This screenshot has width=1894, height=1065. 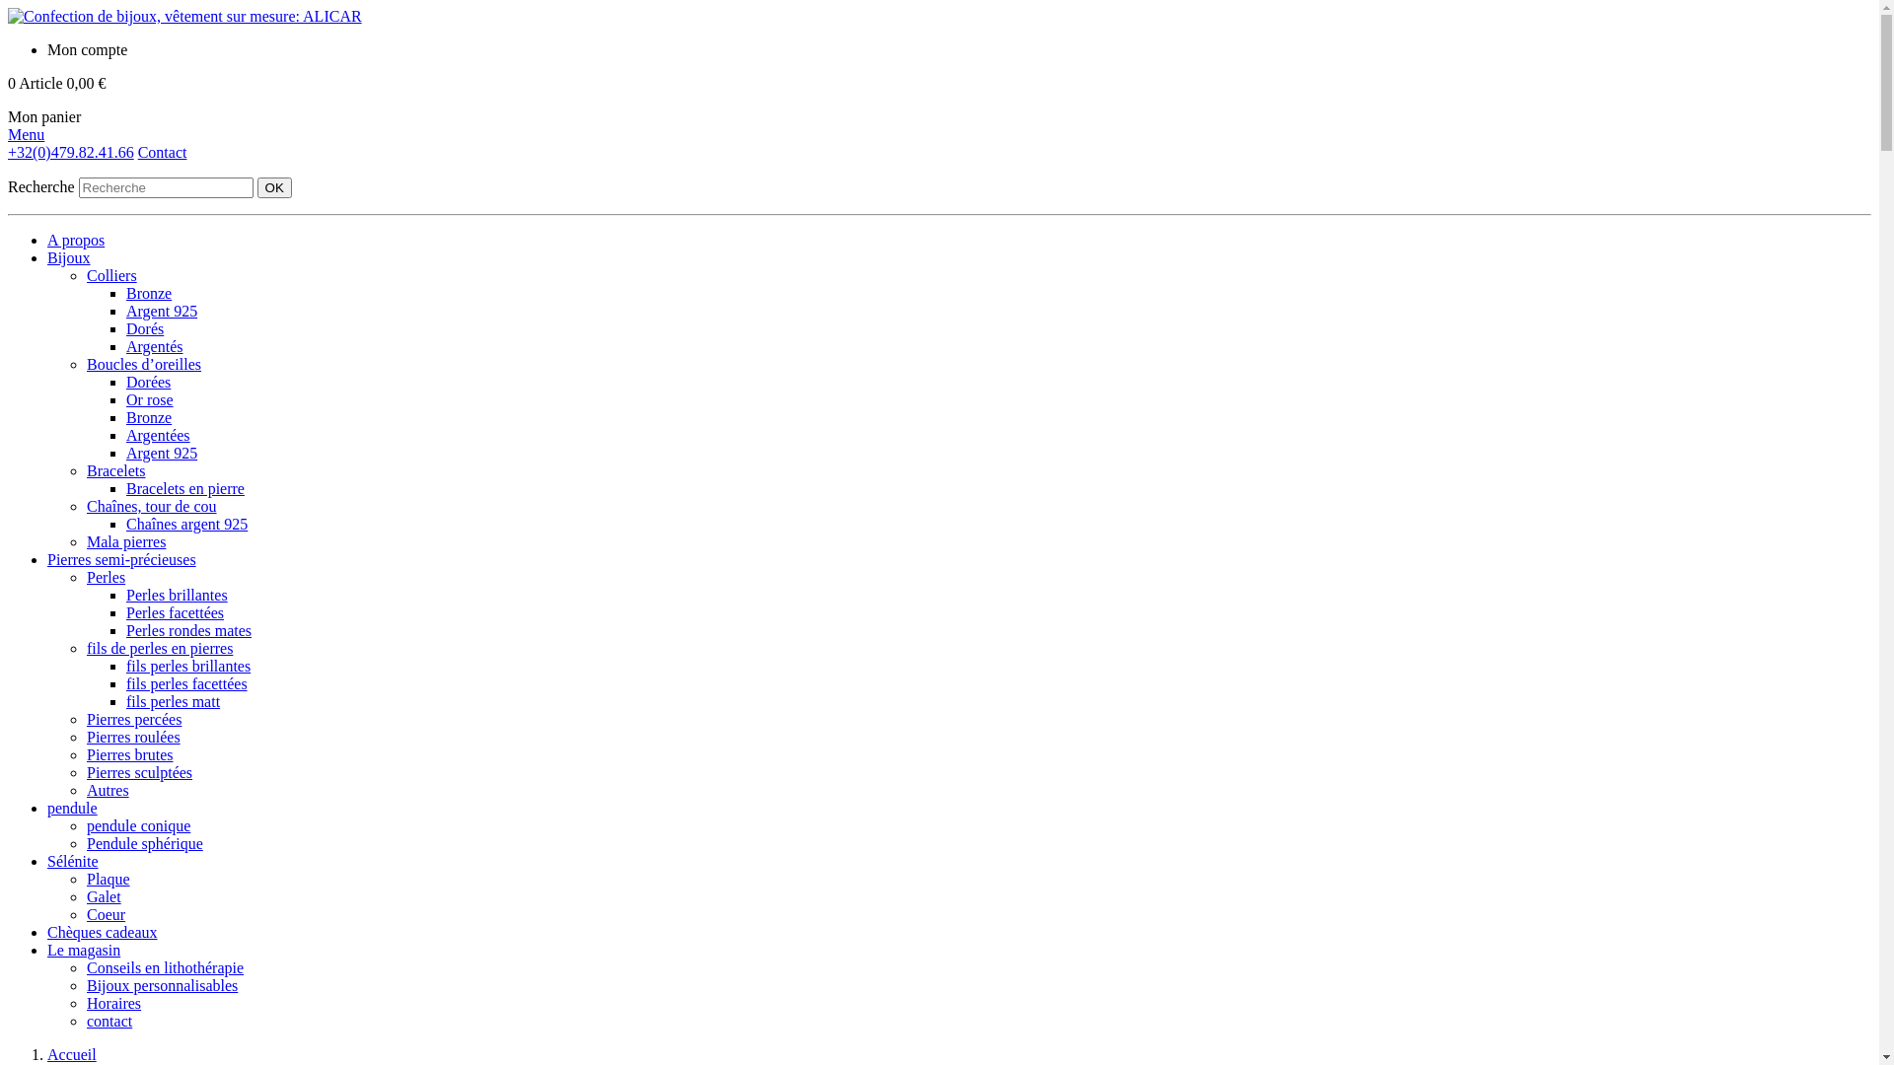 What do you see at coordinates (105, 914) in the screenshot?
I see `'Coeur'` at bounding box center [105, 914].